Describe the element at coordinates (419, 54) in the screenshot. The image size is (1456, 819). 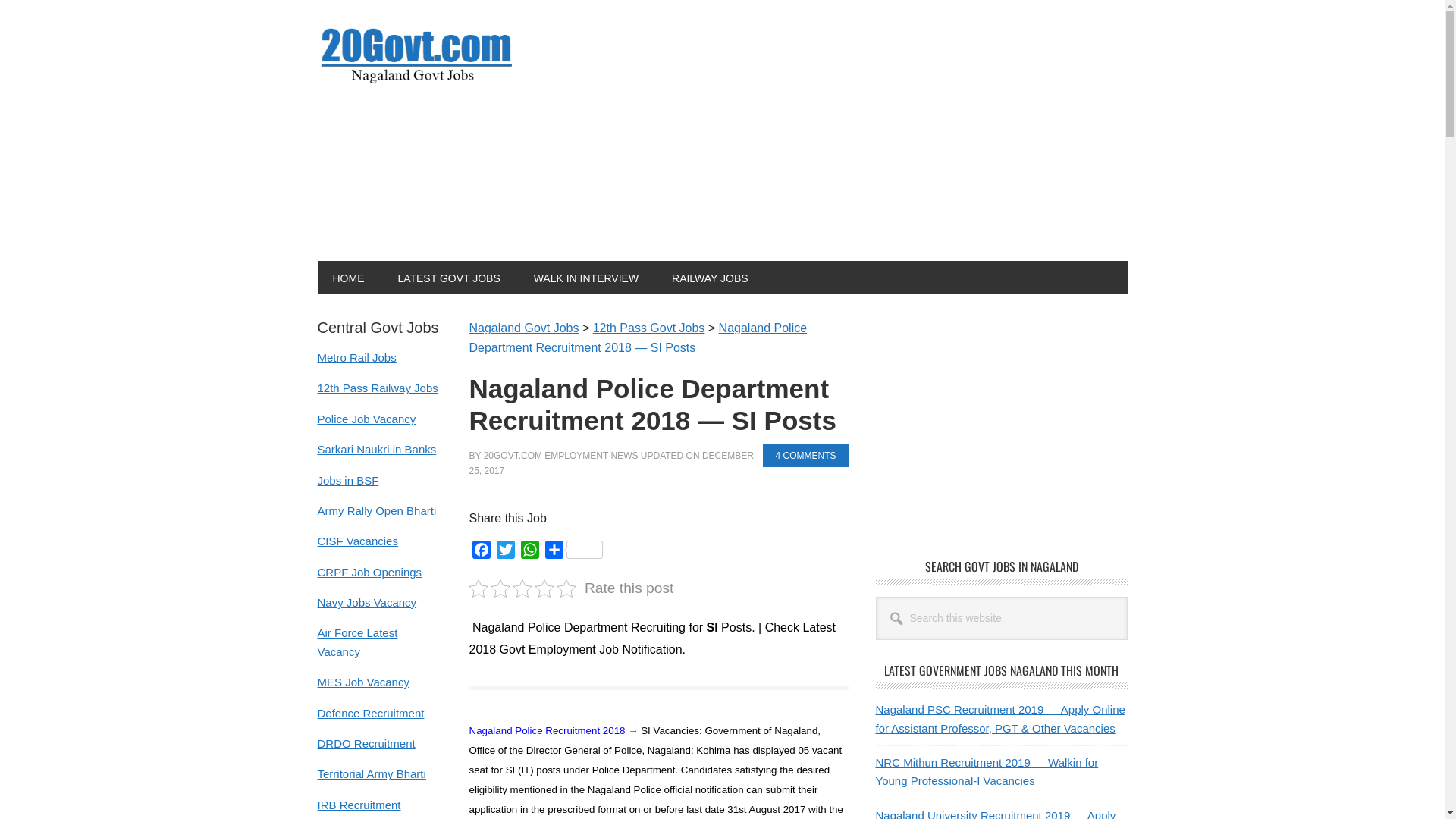
I see `'NAGALAND GOVT JOBS'` at that location.